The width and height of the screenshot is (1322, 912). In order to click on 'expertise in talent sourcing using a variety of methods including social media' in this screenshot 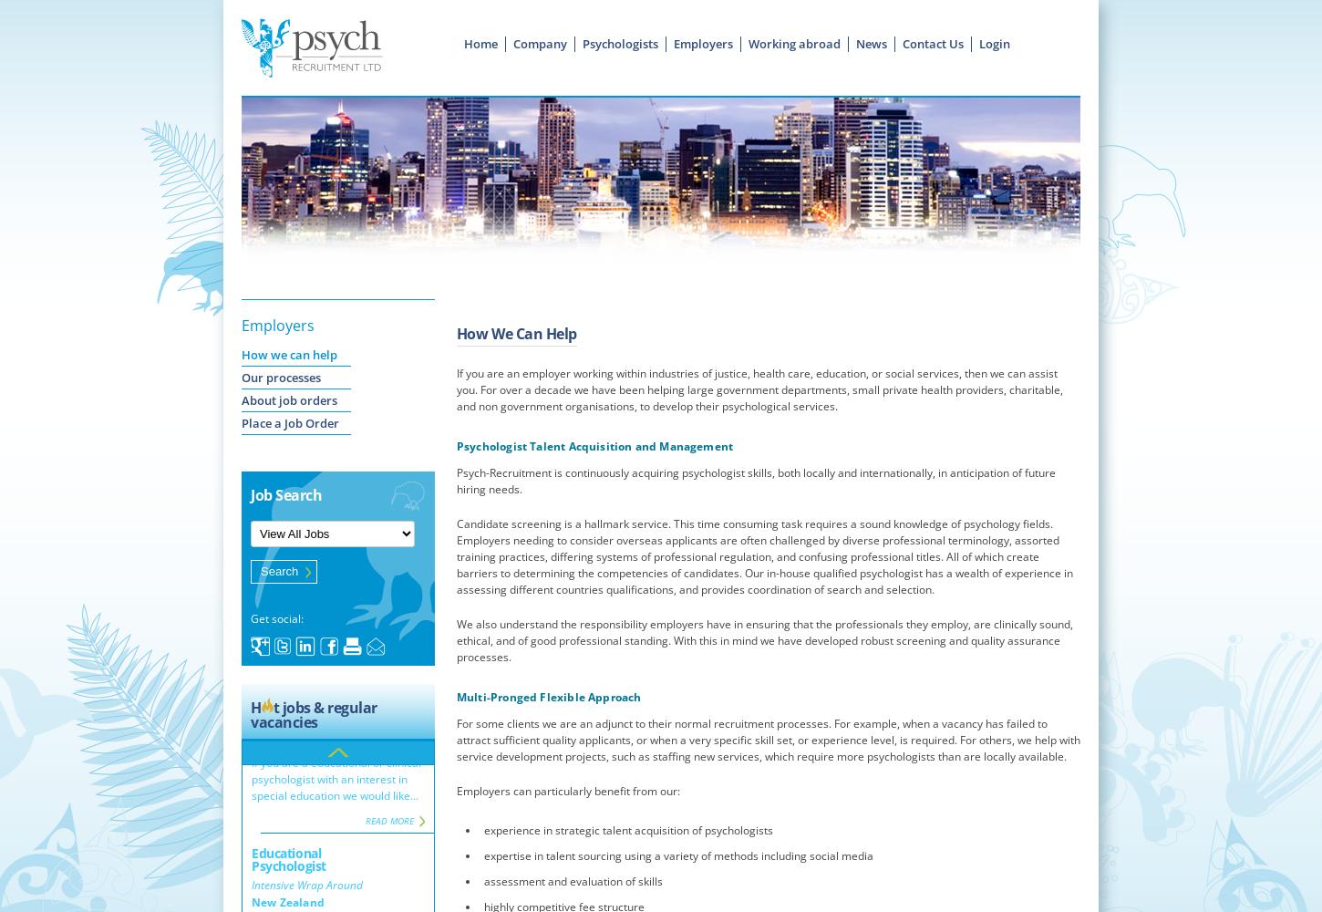, I will do `click(677, 855)`.